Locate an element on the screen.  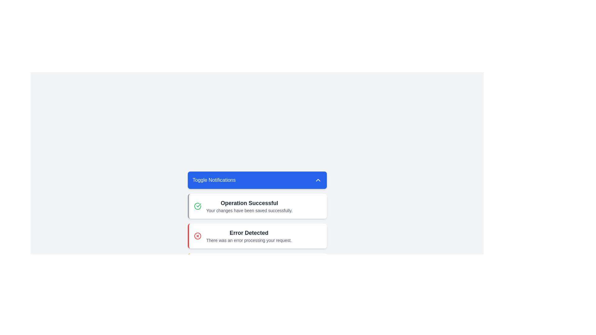
the toggle button located at the top of the notification panel is located at coordinates (257, 180).